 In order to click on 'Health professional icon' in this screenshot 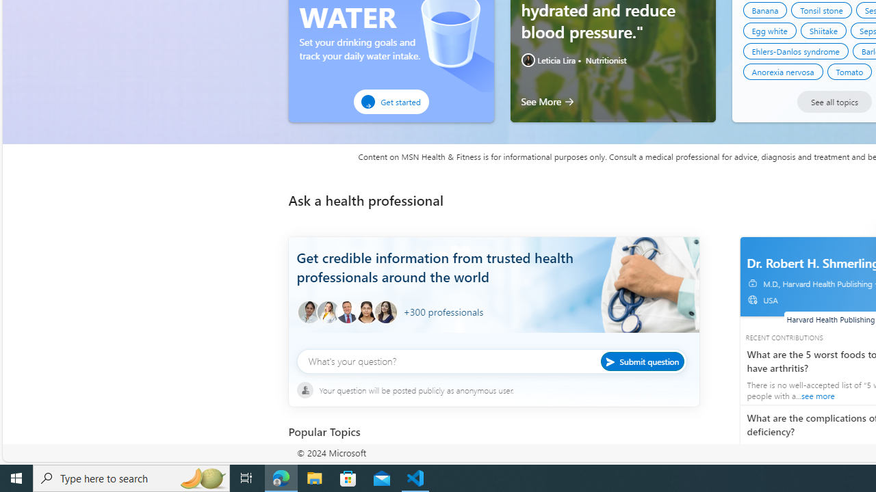, I will do `click(308, 312)`.